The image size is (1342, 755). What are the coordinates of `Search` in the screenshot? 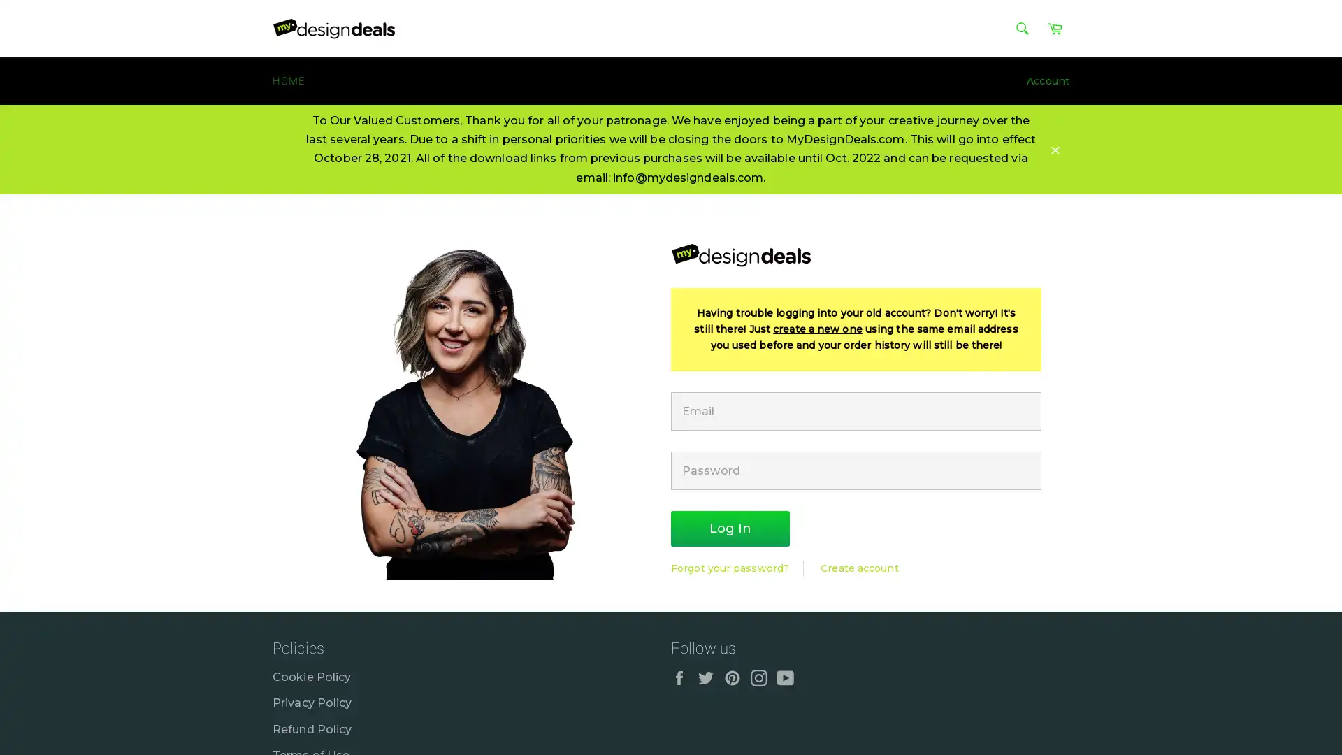 It's located at (1022, 29).